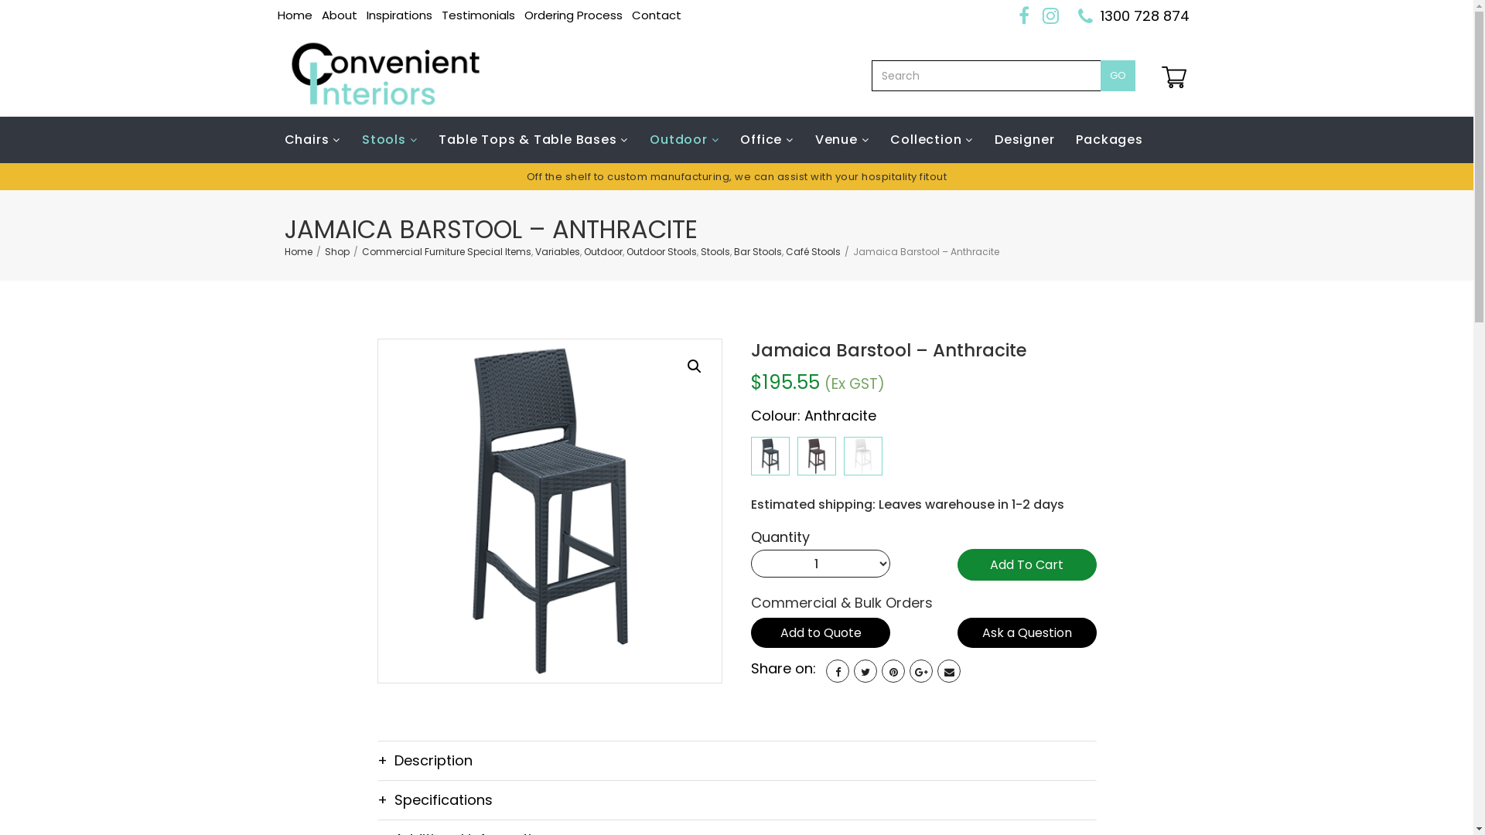 This screenshot has height=835, width=1485. What do you see at coordinates (957, 564) in the screenshot?
I see `'Add To Cart'` at bounding box center [957, 564].